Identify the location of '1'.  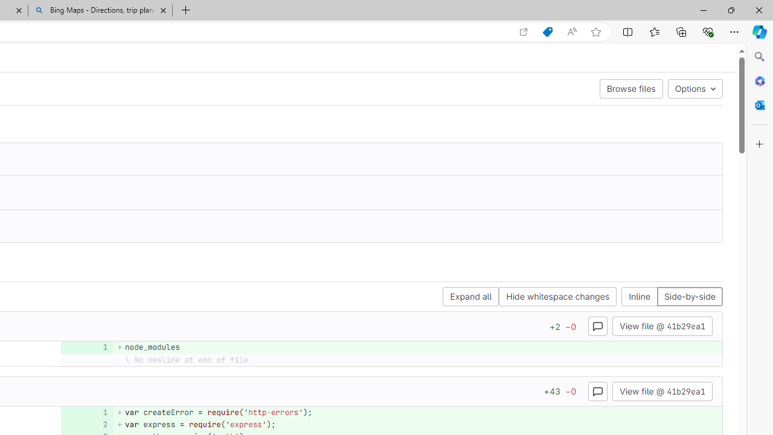
(85, 411).